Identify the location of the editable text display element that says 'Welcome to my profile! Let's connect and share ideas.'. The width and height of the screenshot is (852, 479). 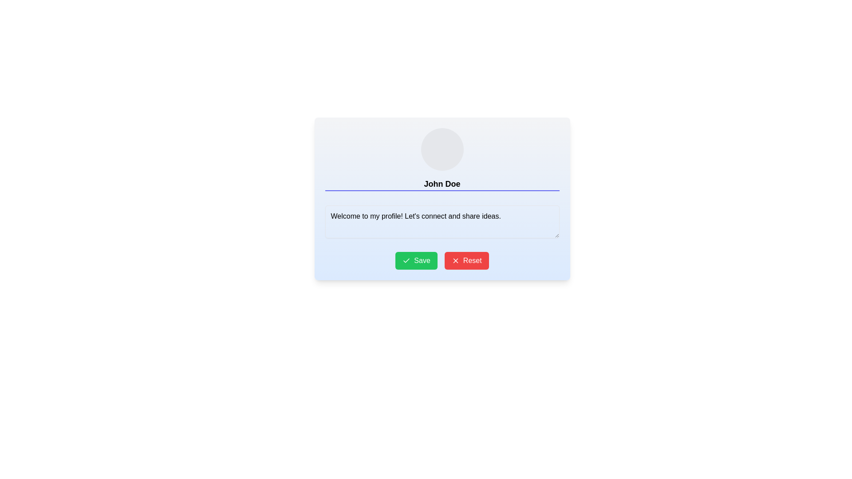
(442, 223).